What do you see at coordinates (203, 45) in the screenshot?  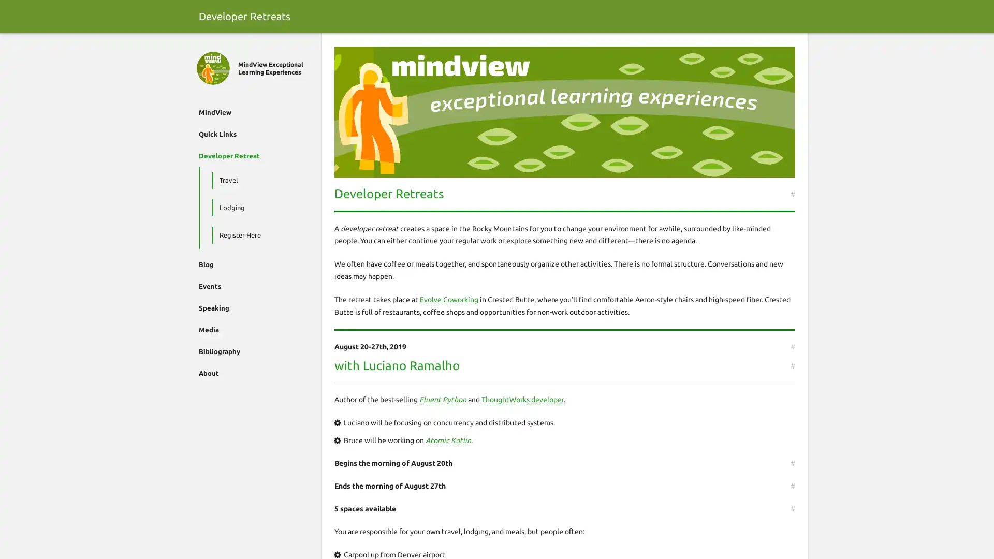 I see `Close` at bounding box center [203, 45].